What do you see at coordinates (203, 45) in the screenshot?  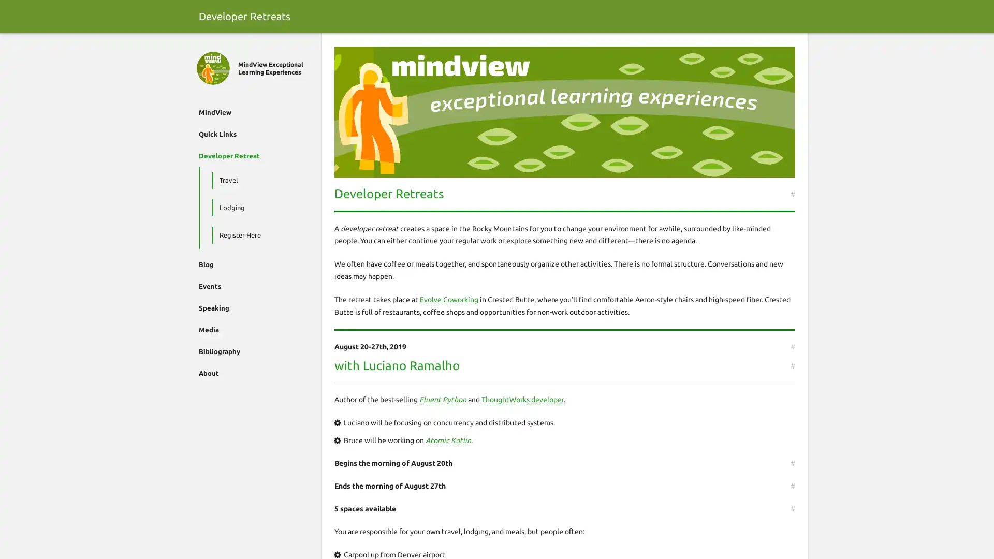 I see `Close` at bounding box center [203, 45].